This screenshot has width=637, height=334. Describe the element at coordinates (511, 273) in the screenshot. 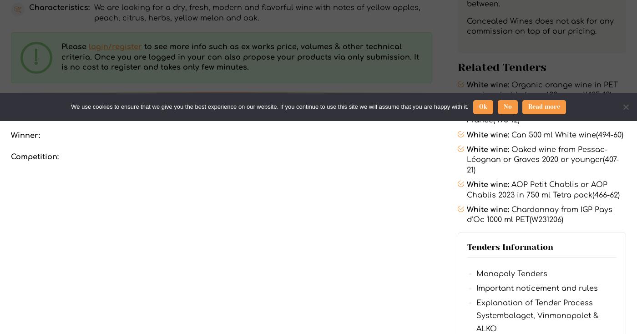

I see `'Monopoly Tenders'` at that location.